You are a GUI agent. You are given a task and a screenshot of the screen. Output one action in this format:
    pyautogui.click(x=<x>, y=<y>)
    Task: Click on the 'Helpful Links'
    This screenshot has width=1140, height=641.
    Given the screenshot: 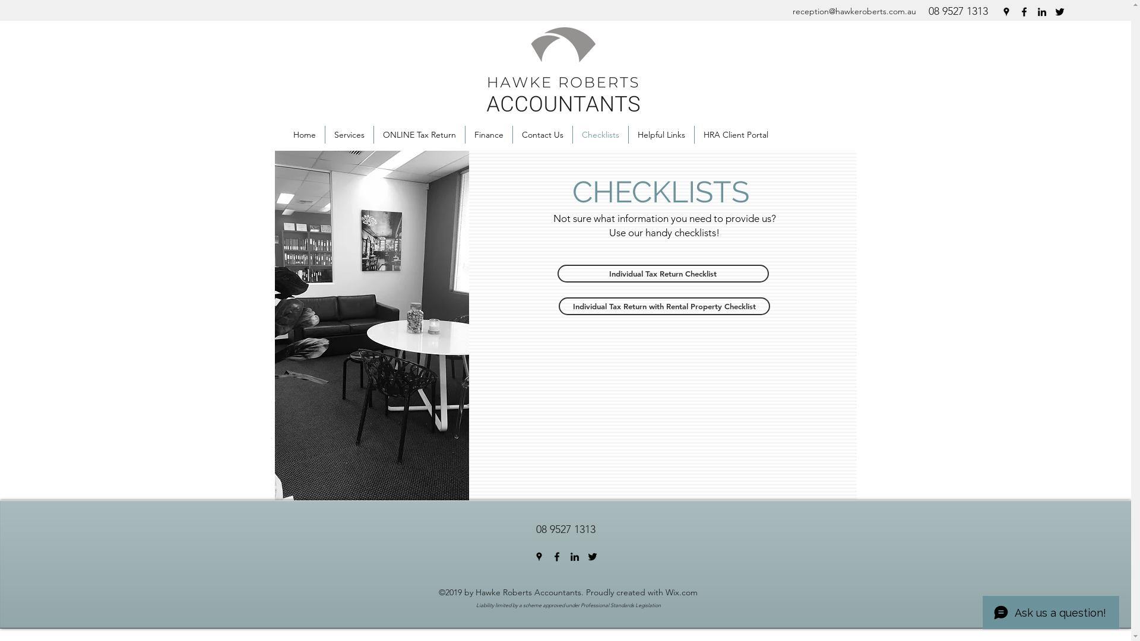 What is the action you would take?
    pyautogui.click(x=660, y=134)
    